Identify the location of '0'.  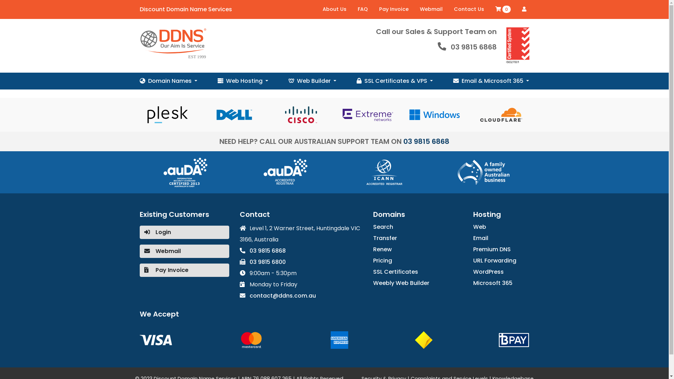
(502, 9).